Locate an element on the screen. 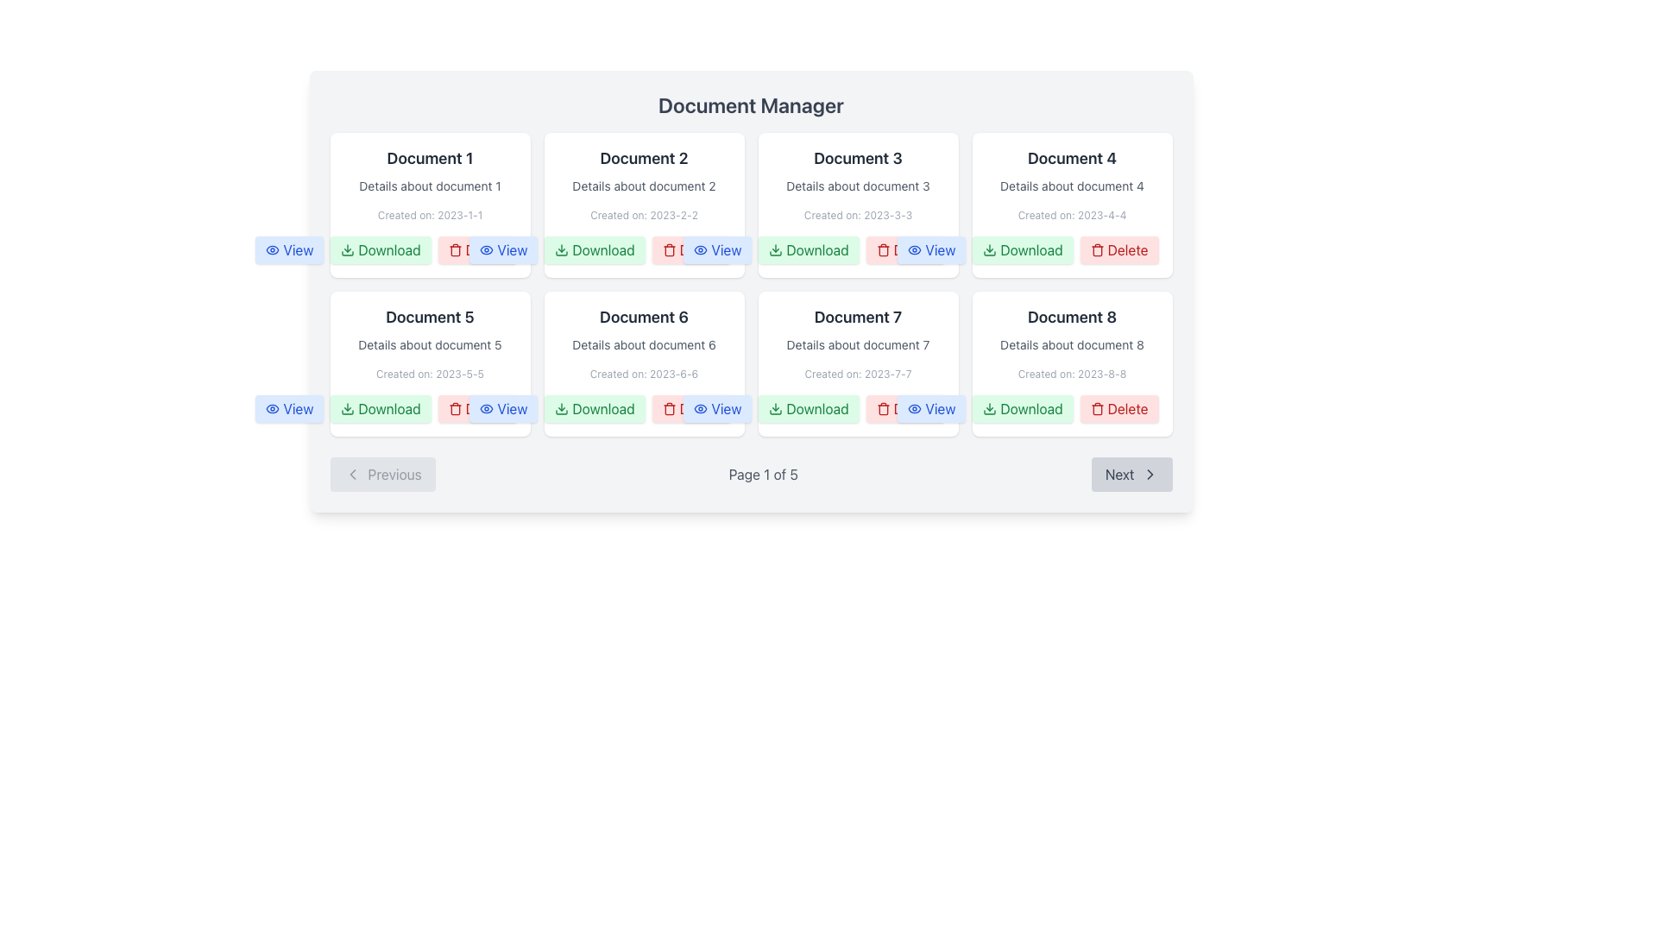 The height and width of the screenshot is (932, 1657). the button in the bottom-right corner of the card for 'Document 7' is located at coordinates (931, 409).